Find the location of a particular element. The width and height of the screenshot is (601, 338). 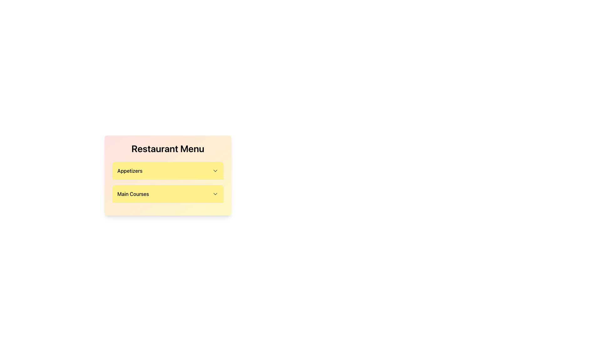

the Dropdown menu button located below the 'Restaurant Menu' header to highlight it is located at coordinates (168, 171).